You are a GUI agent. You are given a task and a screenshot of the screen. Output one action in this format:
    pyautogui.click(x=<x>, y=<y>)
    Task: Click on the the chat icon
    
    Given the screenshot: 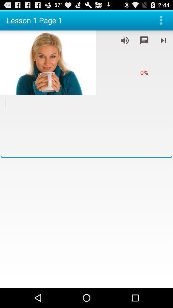 What is the action you would take?
    pyautogui.click(x=144, y=43)
    